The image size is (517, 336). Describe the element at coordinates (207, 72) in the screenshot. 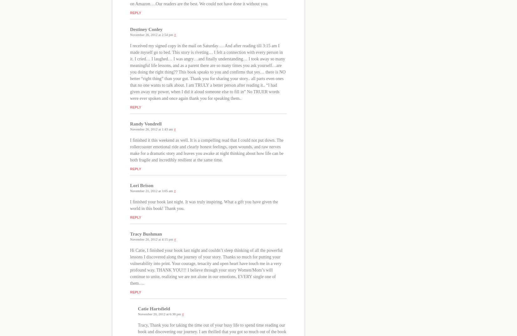

I see `'I received my signed copy in the mail on Saturday…. And after reading till 3:15 am I made myself go to bed.  This story is riveting…  I felt a connection with every person in it.  I cried… I laughed… I was angry…and finally understanding…  I took away so many meaningful life lessons, and as a parent there are so many times you ask yourself…are you doing the right thing??  This book speaks to you and confirms that yes… there is NO better “right thing” than your gut.  Thank you for sharing your story.. all parts even ones that no one wants to talk about.  I am TRULY a better person after reading it.. “I had given away my power, when I did it aloud someone else to fill in”  No TRUER words were ever spoken and once again thank you for speaking them..'` at that location.